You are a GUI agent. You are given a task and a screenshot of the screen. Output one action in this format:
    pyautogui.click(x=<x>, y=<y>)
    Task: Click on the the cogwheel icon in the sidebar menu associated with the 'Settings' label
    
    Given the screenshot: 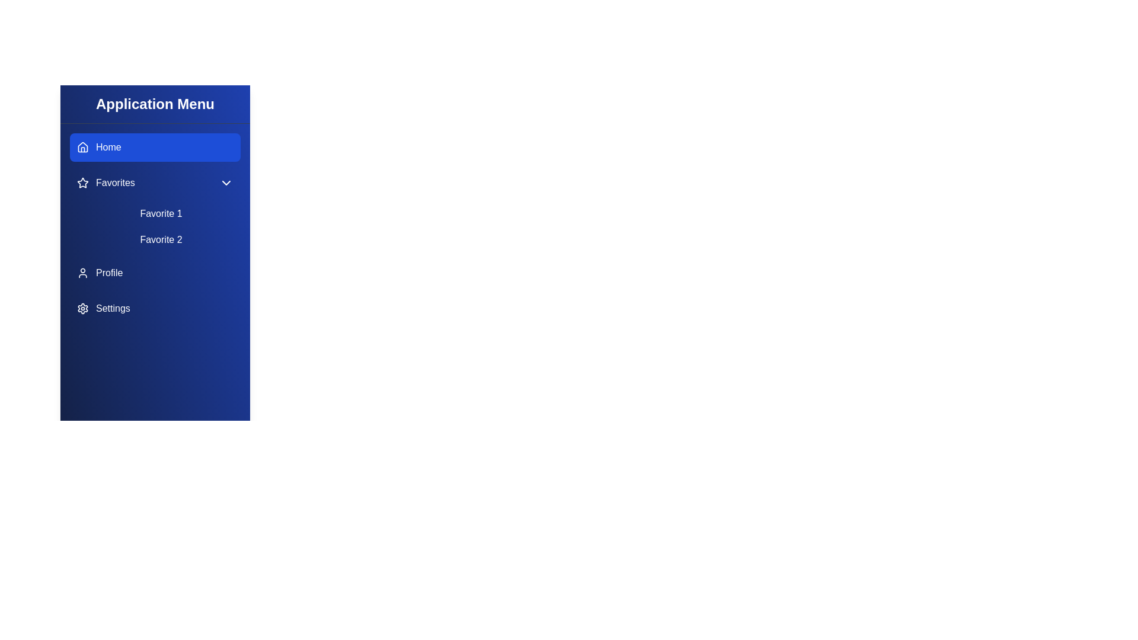 What is the action you would take?
    pyautogui.click(x=82, y=308)
    